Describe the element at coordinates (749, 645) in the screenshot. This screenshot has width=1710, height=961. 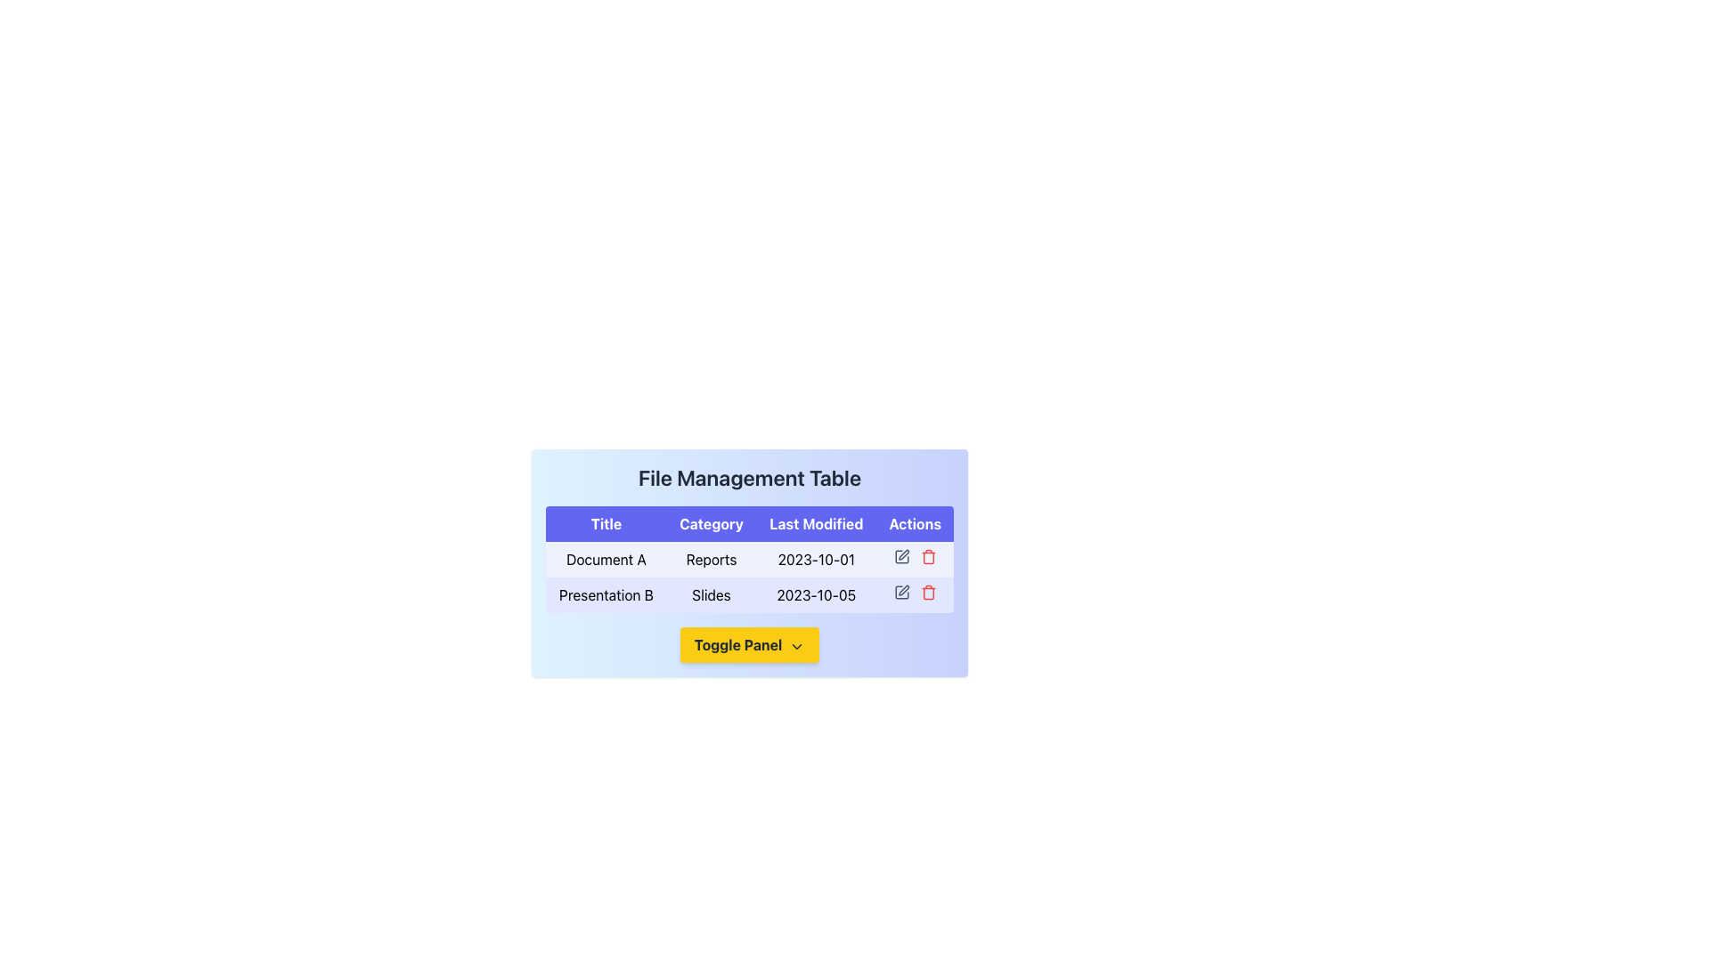
I see `the button located at the bottom of the 'File Management Table' panel to trigger hover effects` at that location.